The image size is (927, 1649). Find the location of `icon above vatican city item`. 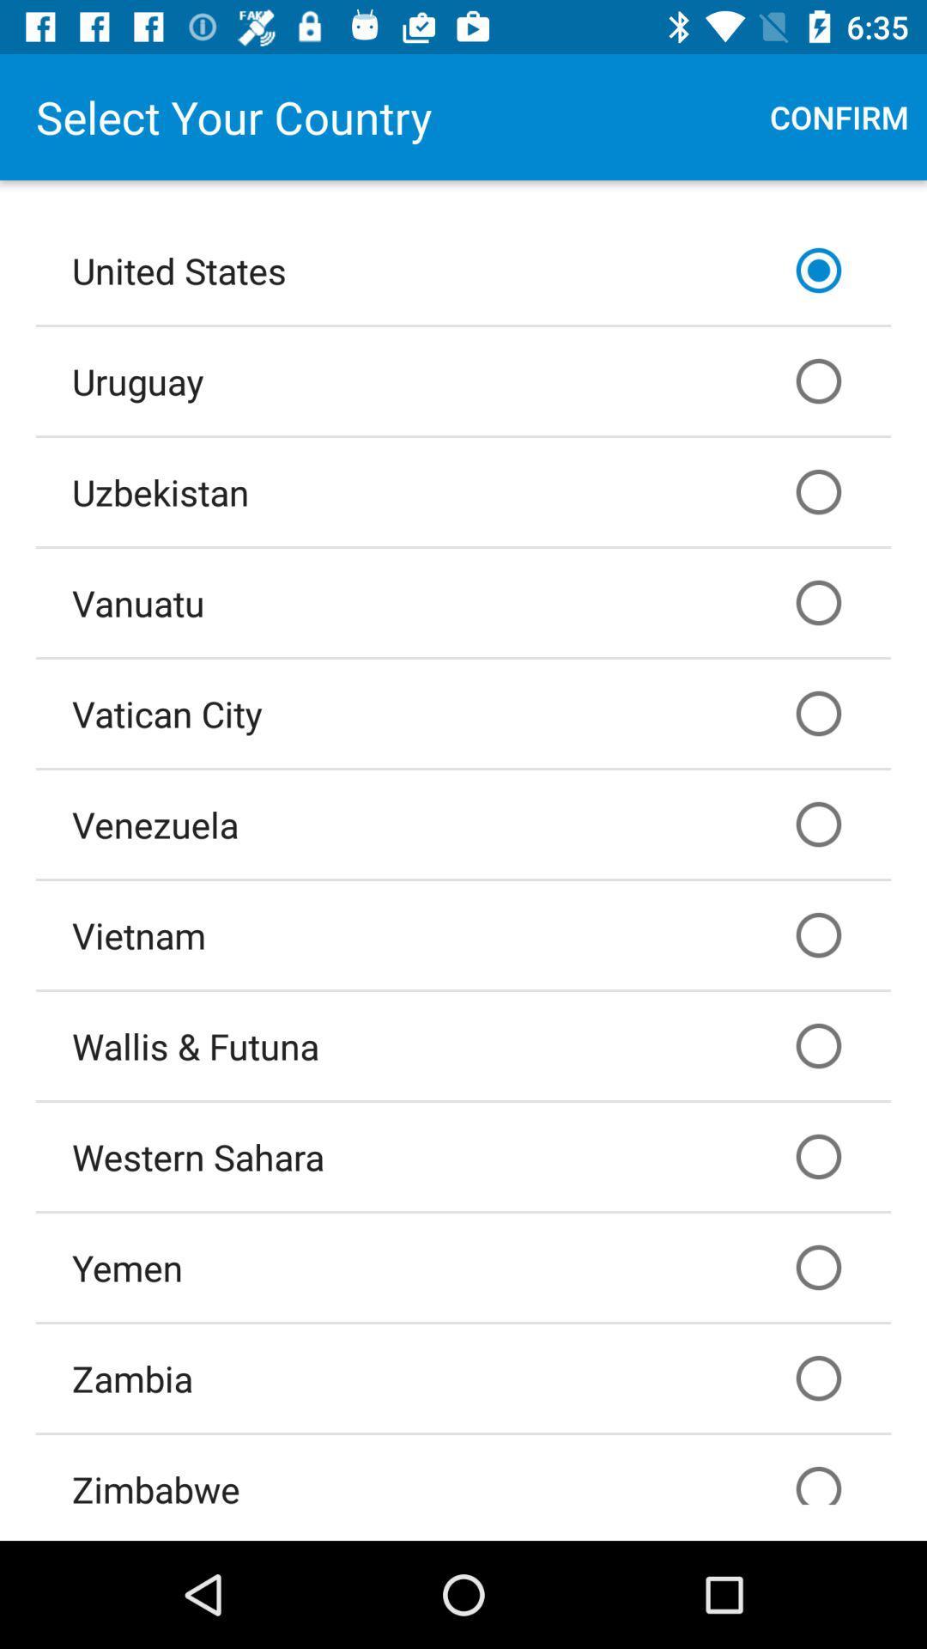

icon above vatican city item is located at coordinates (463, 602).